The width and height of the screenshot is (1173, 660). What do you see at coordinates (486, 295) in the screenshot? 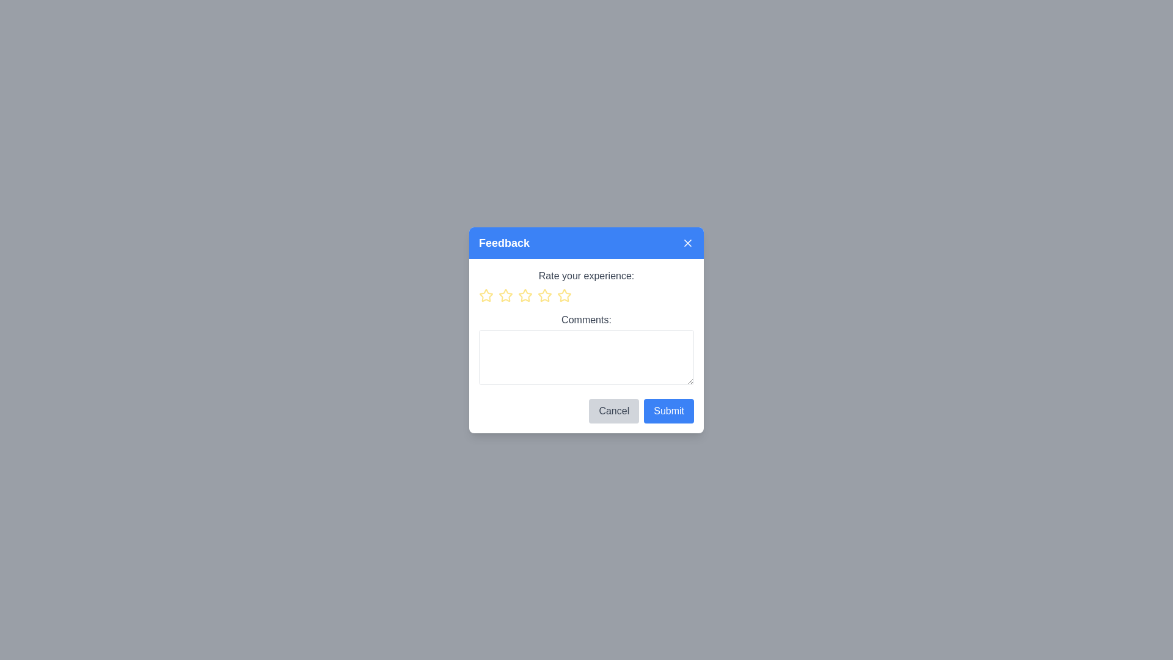
I see `the star-shaped icon with a yellow outline and white fill` at bounding box center [486, 295].